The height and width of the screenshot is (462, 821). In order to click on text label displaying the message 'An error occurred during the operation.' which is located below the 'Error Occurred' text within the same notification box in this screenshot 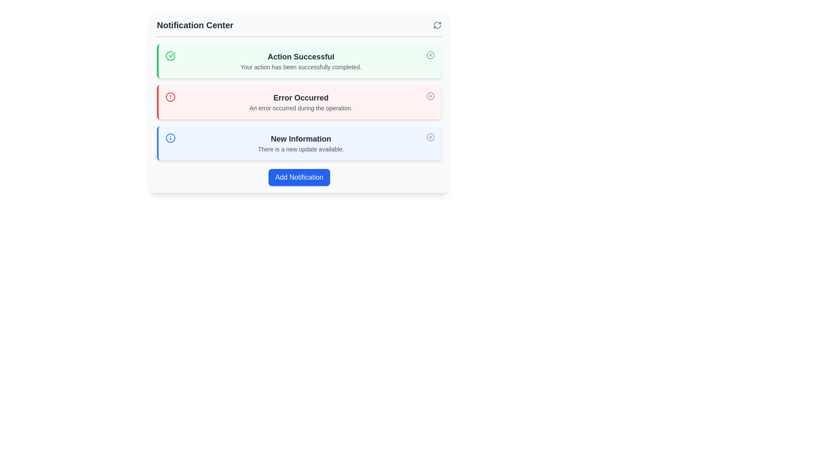, I will do `click(301, 108)`.